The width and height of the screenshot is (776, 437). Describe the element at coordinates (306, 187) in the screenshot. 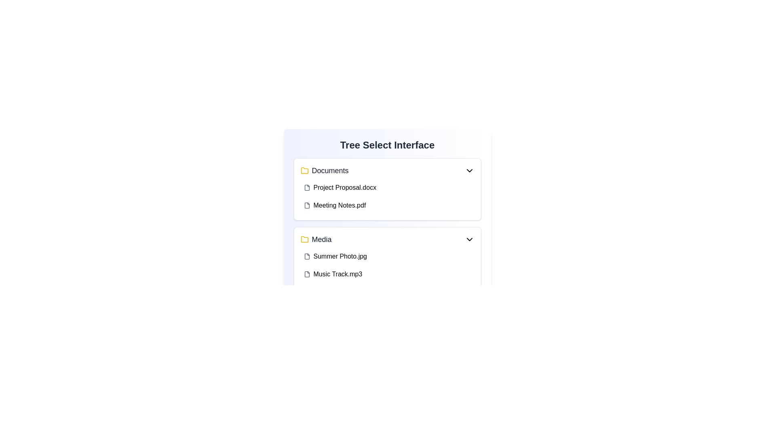

I see `the small gray document icon located to the left of the text label 'Project Proposal.docx'` at that location.